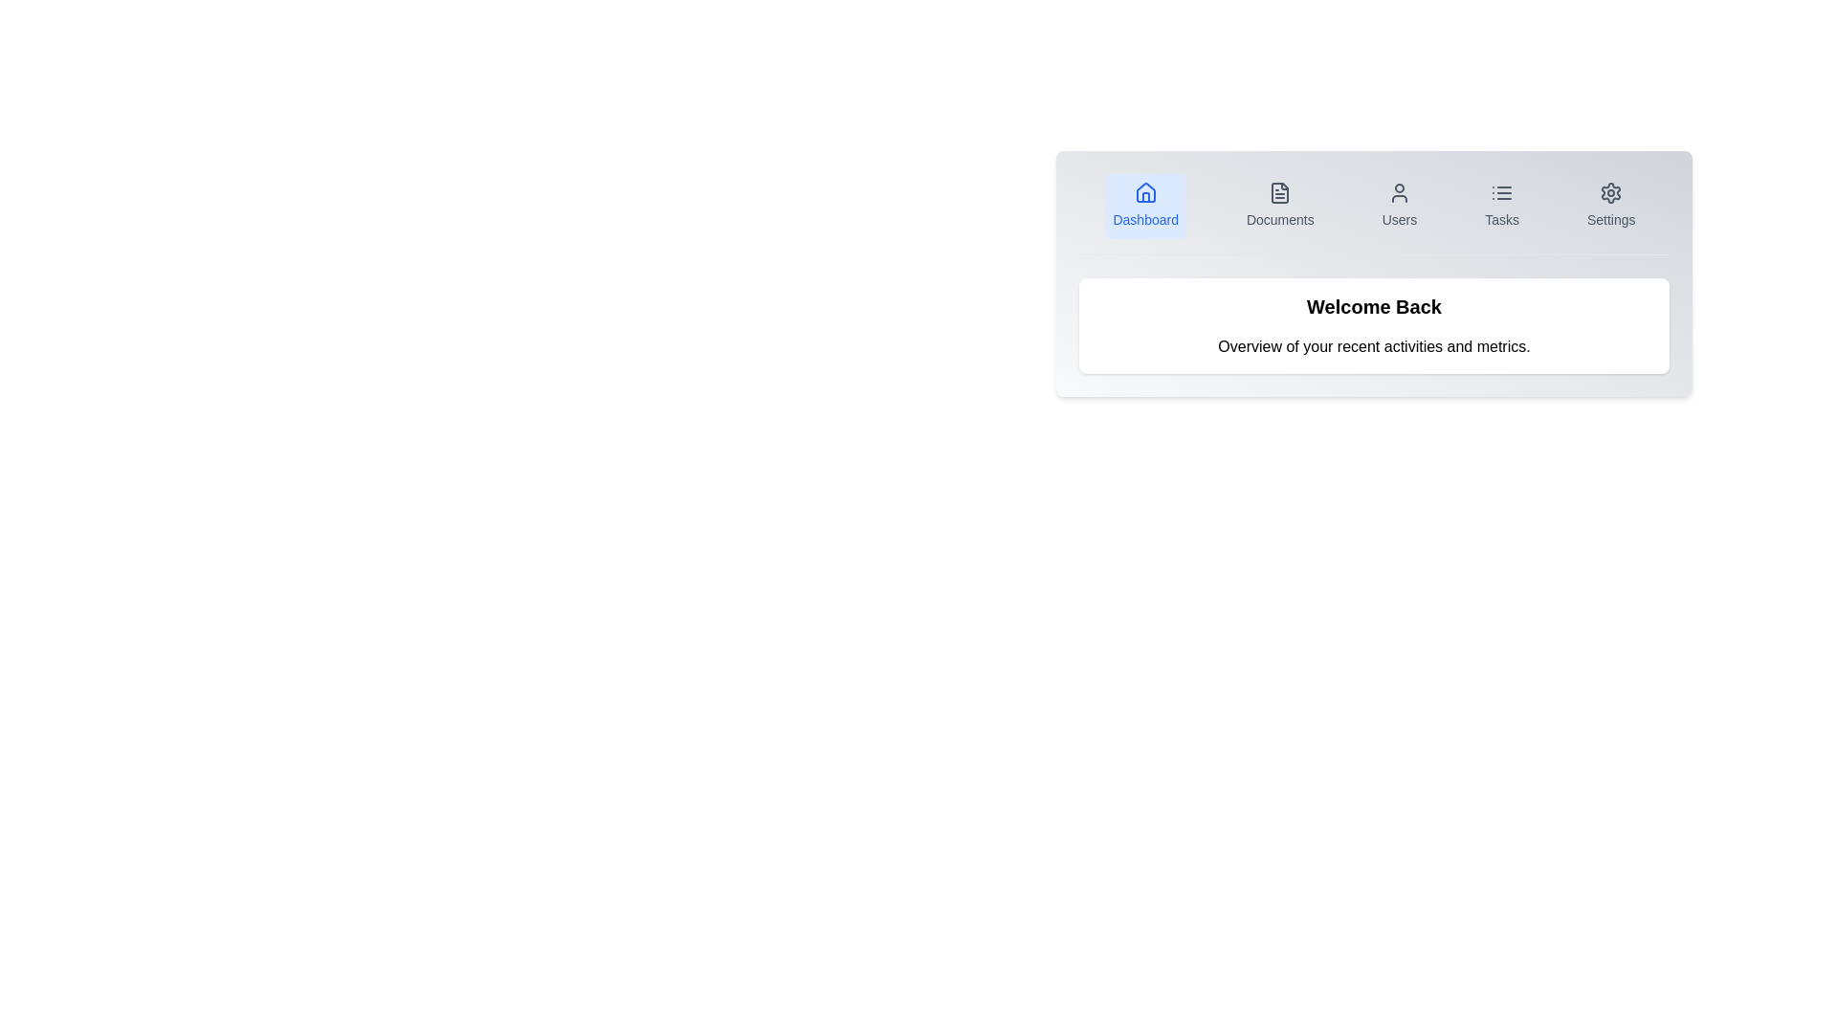 The image size is (1837, 1033). What do you see at coordinates (1399, 207) in the screenshot?
I see `the Navigation Button that accesses the 'Users' section, located between 'Documents' and 'Tasks' at the top of the interface` at bounding box center [1399, 207].